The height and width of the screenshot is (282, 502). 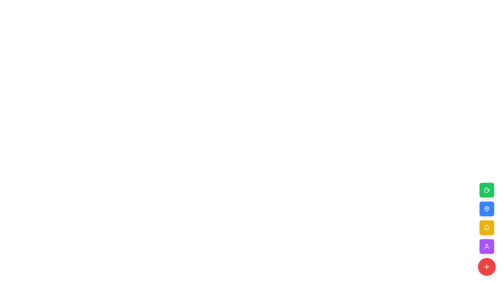 What do you see at coordinates (487, 246) in the screenshot?
I see `the user profile icon located within the fourth vertical button in a purple rectangular button with rounded corners` at bounding box center [487, 246].